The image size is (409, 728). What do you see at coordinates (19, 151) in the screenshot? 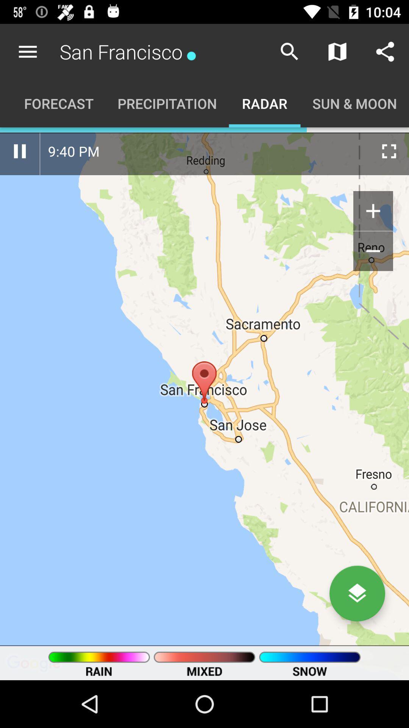
I see `the pause icon` at bounding box center [19, 151].